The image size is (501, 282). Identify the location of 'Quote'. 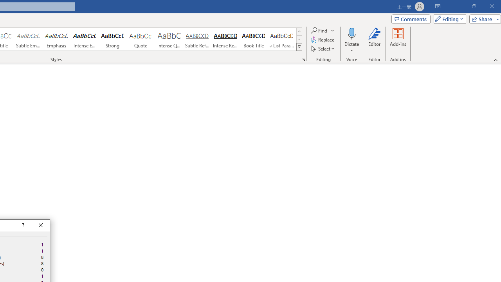
(141, 39).